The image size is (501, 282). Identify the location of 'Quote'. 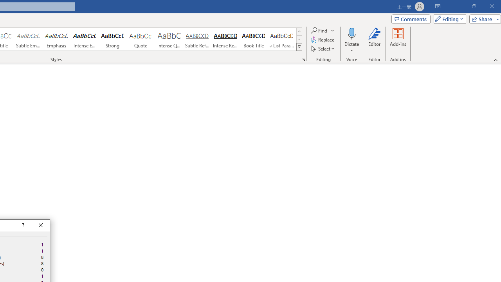
(141, 39).